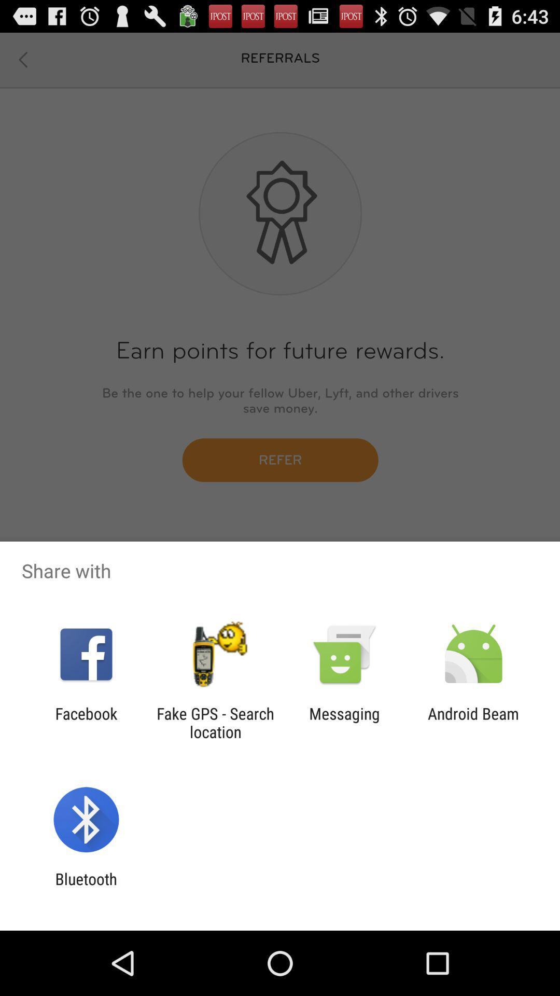 The height and width of the screenshot is (996, 560). I want to click on the bluetooth item, so click(86, 888).